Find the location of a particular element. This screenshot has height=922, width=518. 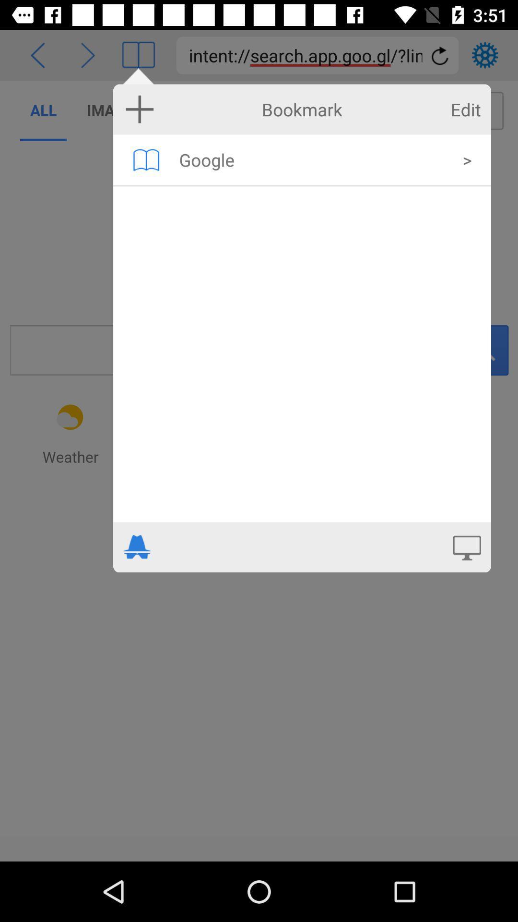

icon to the left of the google item is located at coordinates (146, 159).